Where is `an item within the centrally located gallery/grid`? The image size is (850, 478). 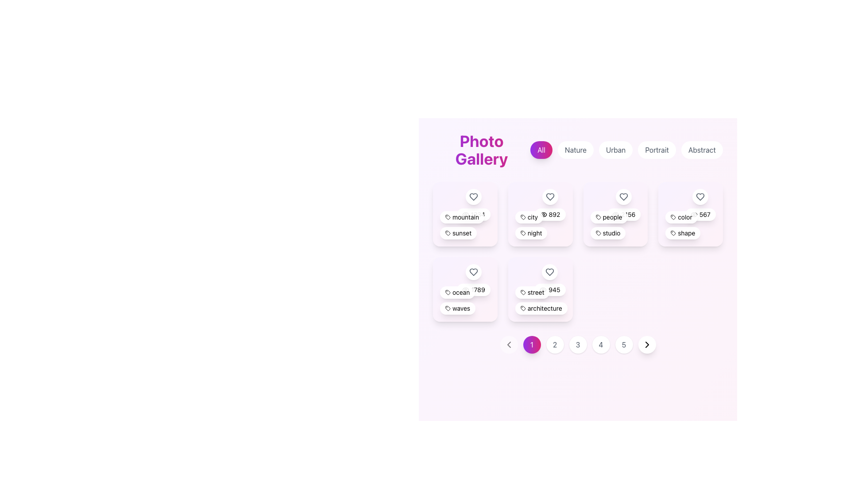
an item within the centrally located gallery/grid is located at coordinates (578, 243).